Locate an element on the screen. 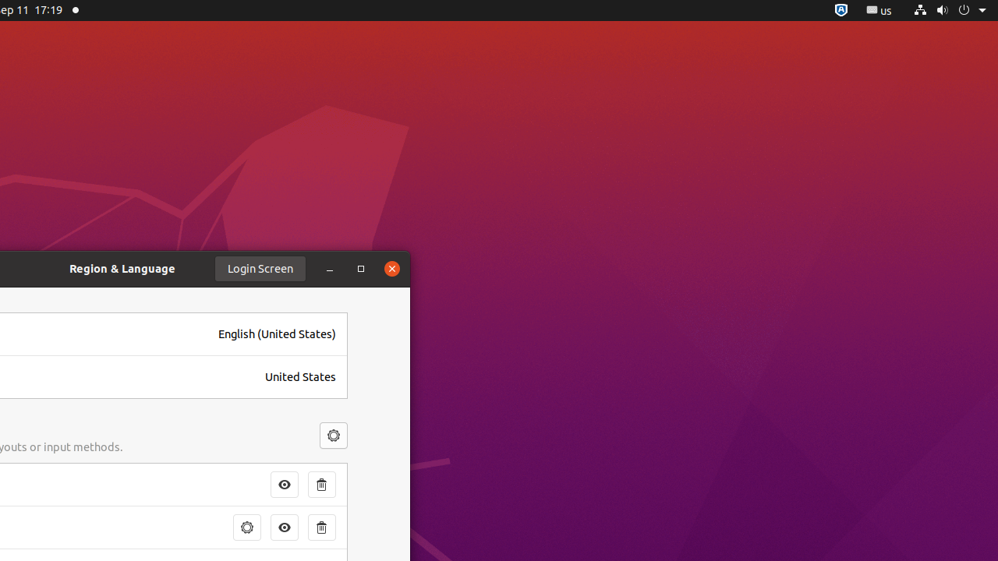 This screenshot has width=998, height=561. 'Maximize' is located at coordinates (359, 268).